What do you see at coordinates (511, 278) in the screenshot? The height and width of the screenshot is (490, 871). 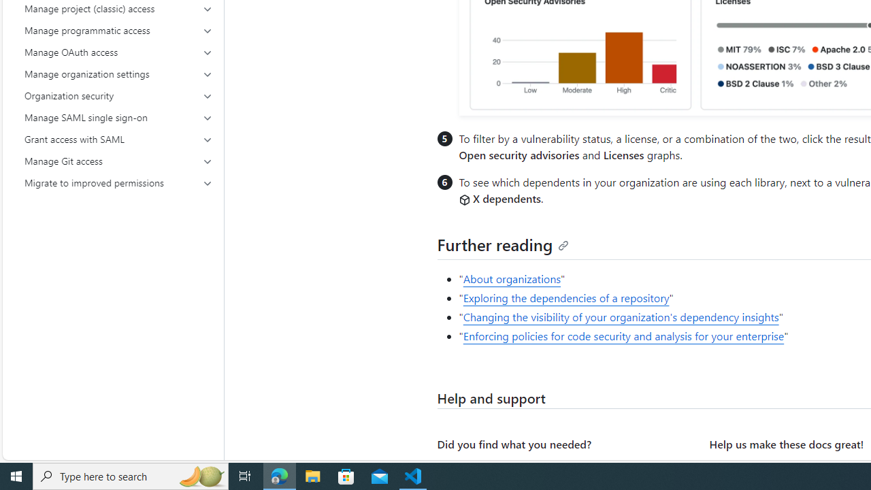 I see `'About organizations'` at bounding box center [511, 278].